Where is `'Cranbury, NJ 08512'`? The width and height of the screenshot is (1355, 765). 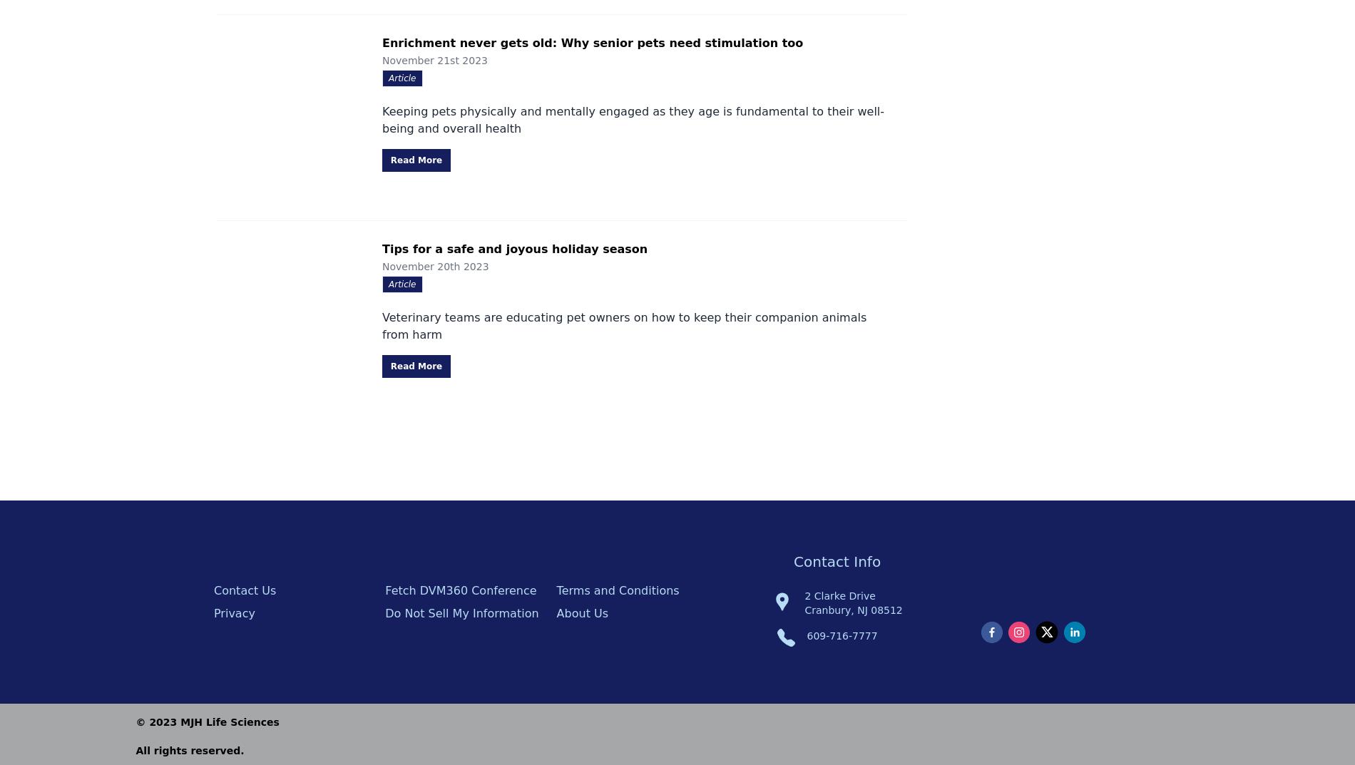 'Cranbury, NJ 08512' is located at coordinates (852, 610).